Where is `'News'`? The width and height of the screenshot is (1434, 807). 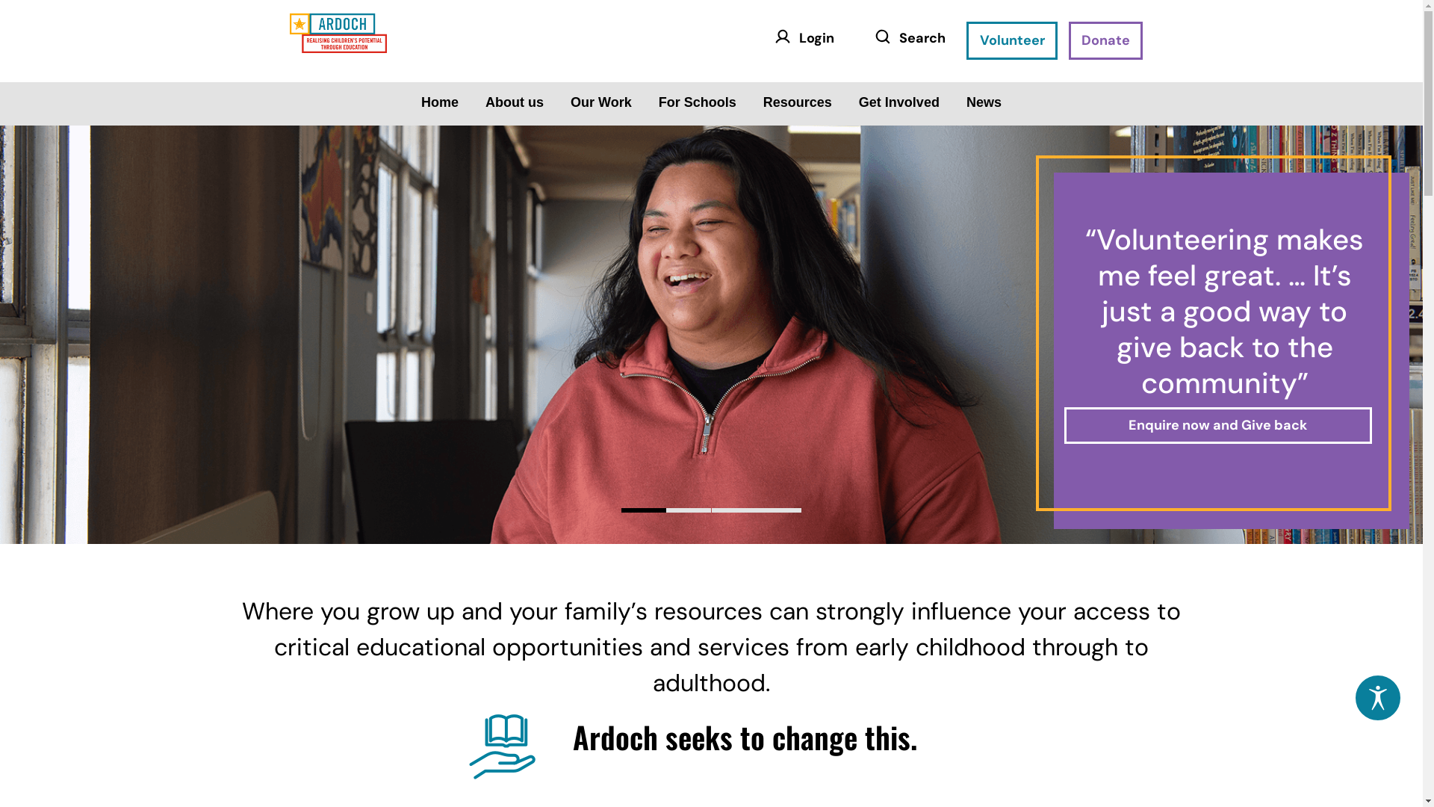 'News' is located at coordinates (984, 102).